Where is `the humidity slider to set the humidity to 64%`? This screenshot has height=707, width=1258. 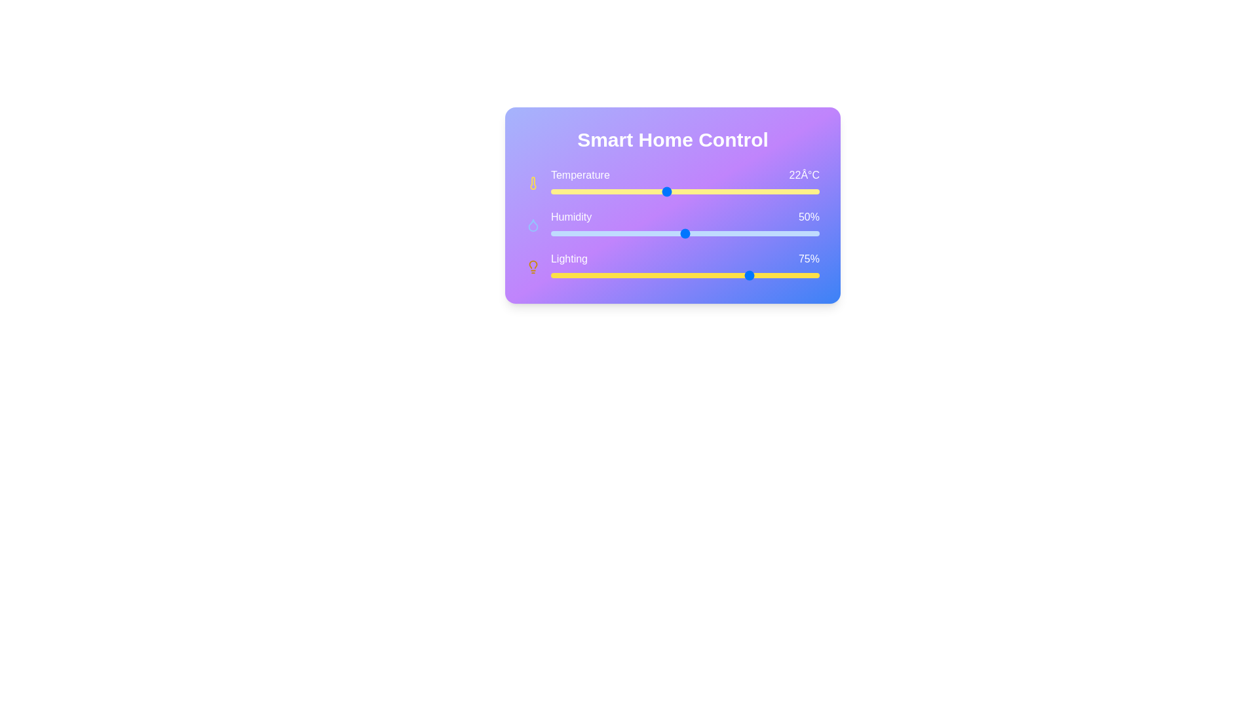 the humidity slider to set the humidity to 64% is located at coordinates (748, 233).